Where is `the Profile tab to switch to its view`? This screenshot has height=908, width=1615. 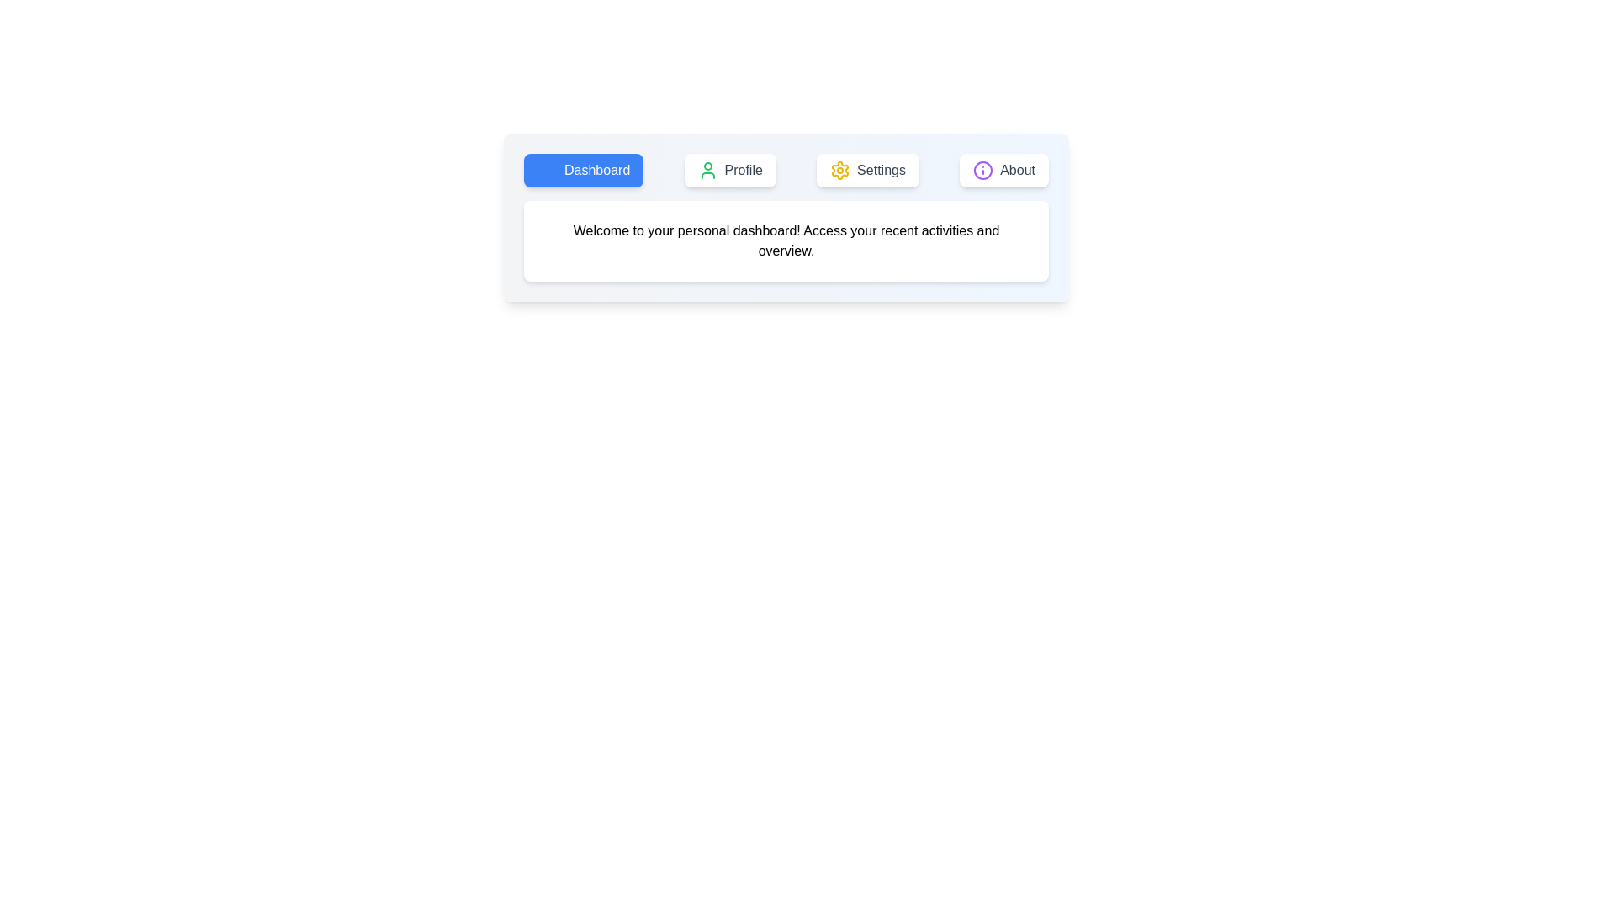 the Profile tab to switch to its view is located at coordinates (730, 171).